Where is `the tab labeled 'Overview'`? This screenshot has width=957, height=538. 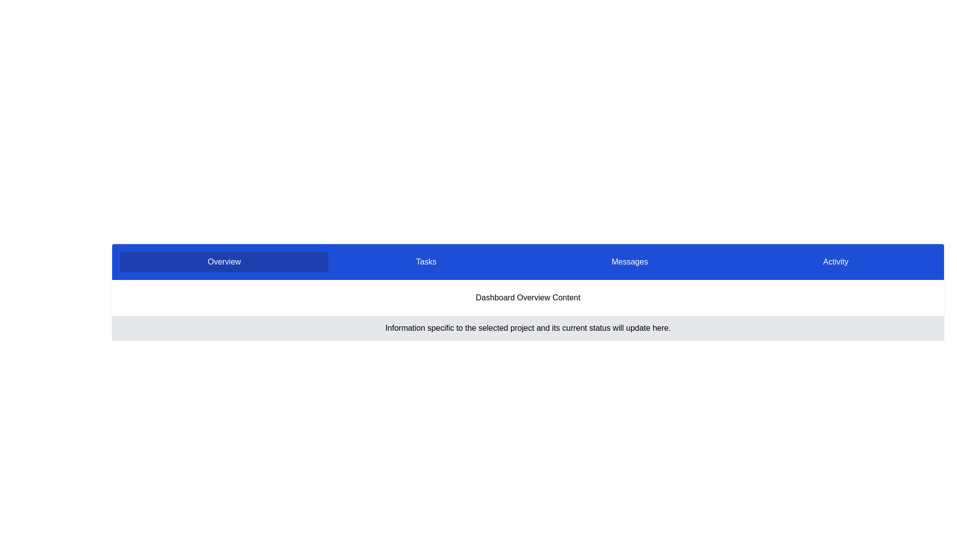 the tab labeled 'Overview' is located at coordinates (224, 261).